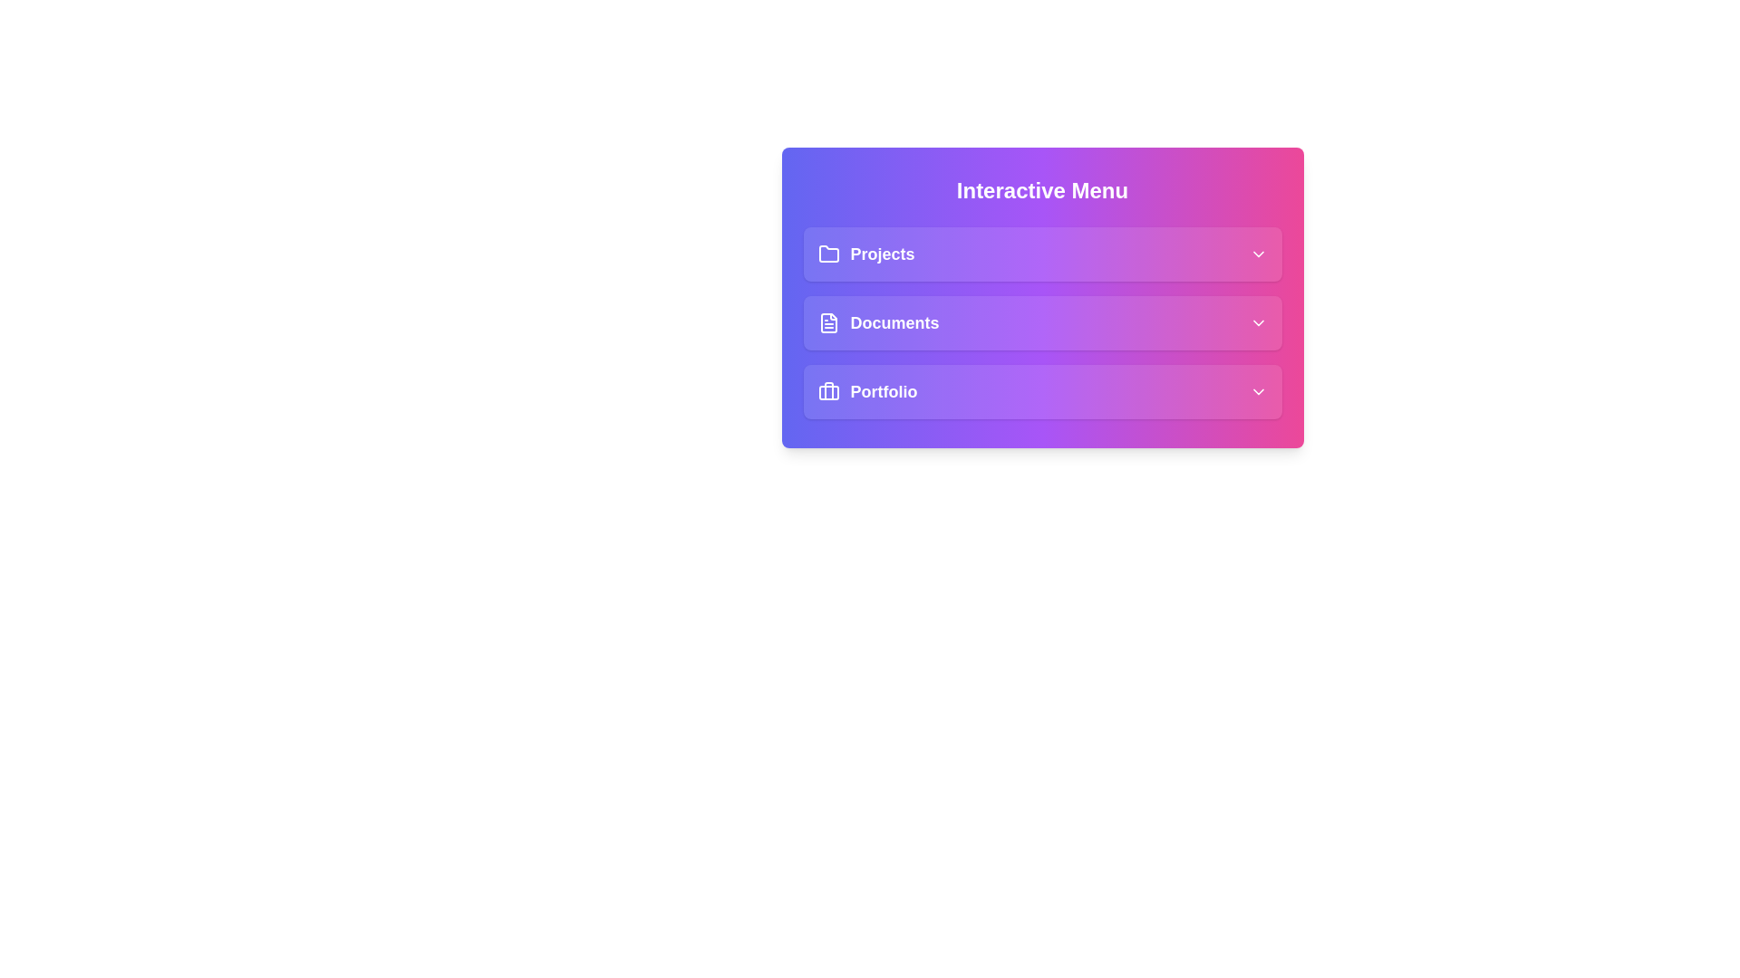 This screenshot has height=978, width=1740. I want to click on the 'Documents' tab, which is the second tab in the vertical menu located between the 'Projects' and 'Portfolio' tabs, so click(1042, 322).